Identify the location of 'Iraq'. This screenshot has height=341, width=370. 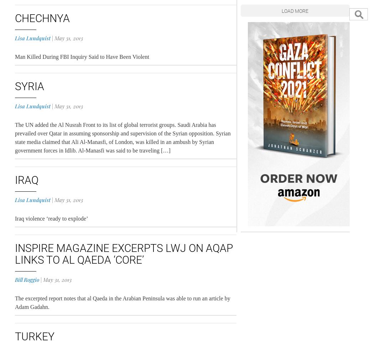
(14, 180).